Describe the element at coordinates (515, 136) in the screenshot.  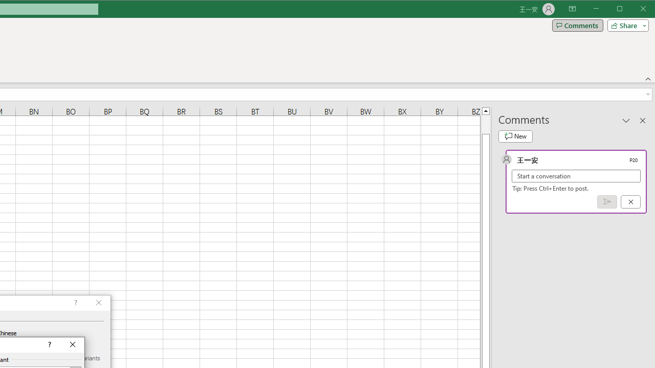
I see `'New comment'` at that location.